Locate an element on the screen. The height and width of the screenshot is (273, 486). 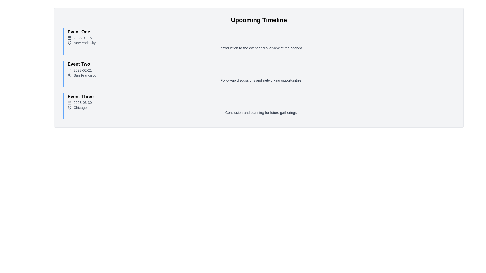
the calendar icon, which is a small, square-bordered, line-based design representing a calendar, located next to the date '2023-03-30' under the title 'Event Three' is located at coordinates (69, 102).